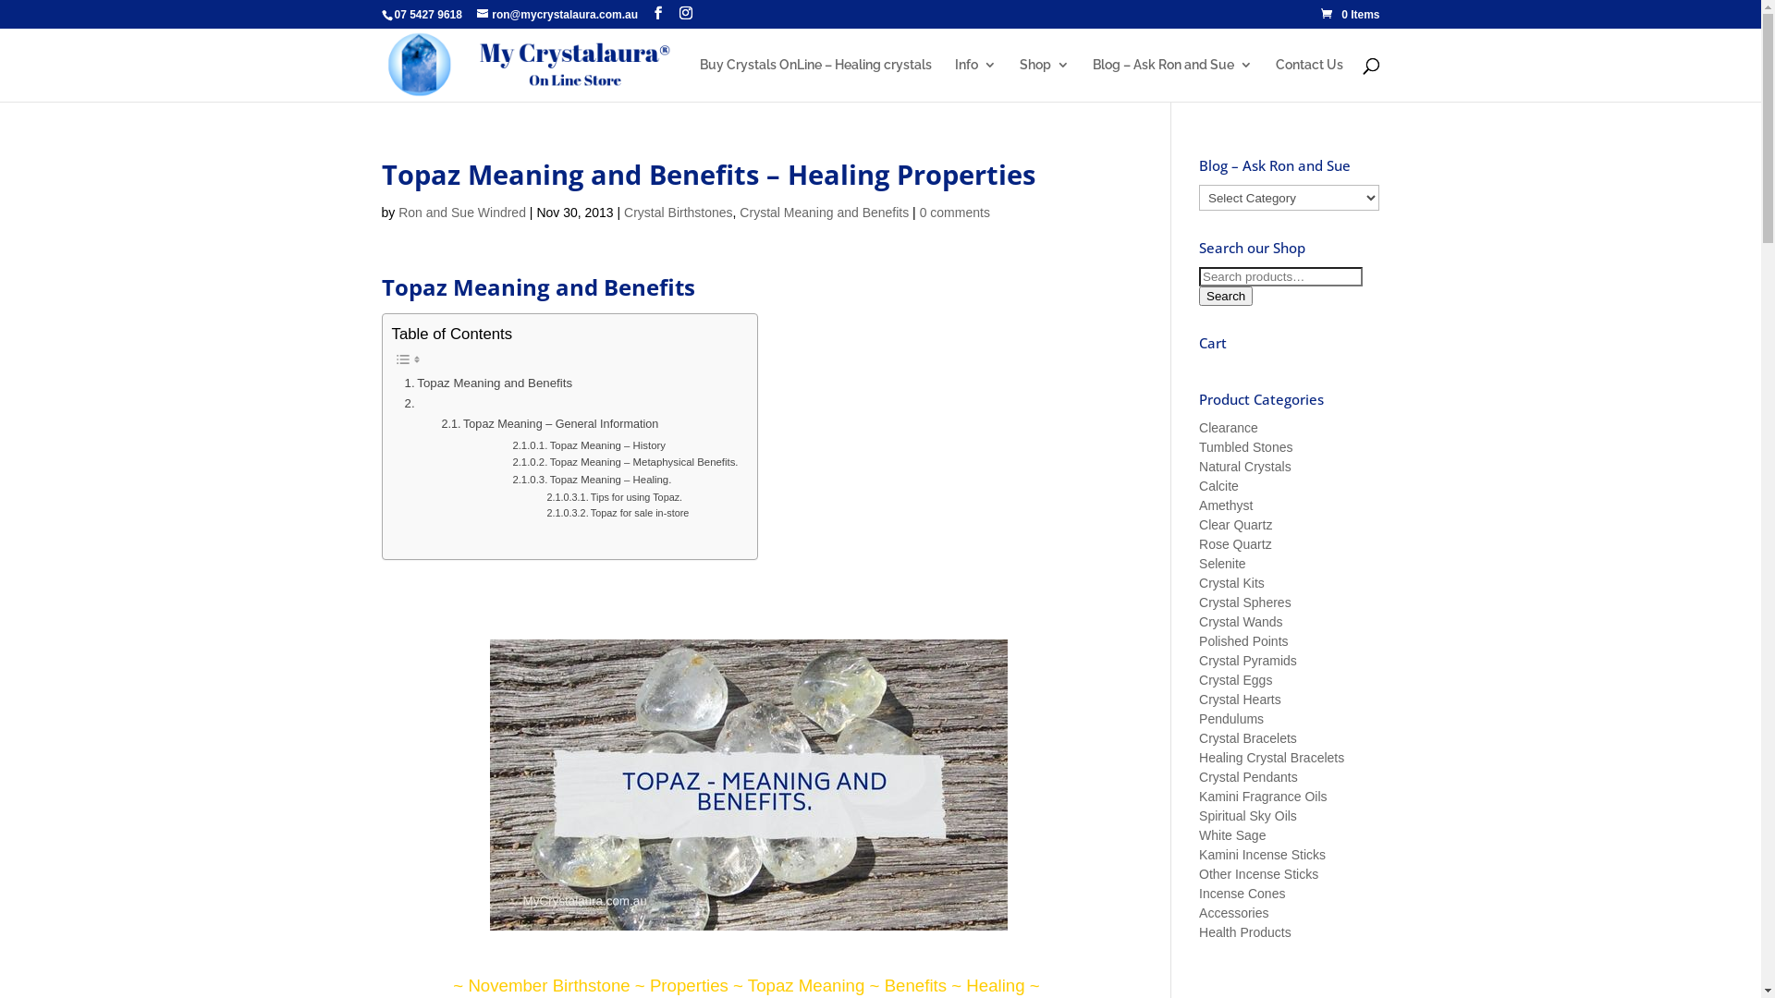 The width and height of the screenshot is (1775, 998). What do you see at coordinates (1043, 79) in the screenshot?
I see `'Shop'` at bounding box center [1043, 79].